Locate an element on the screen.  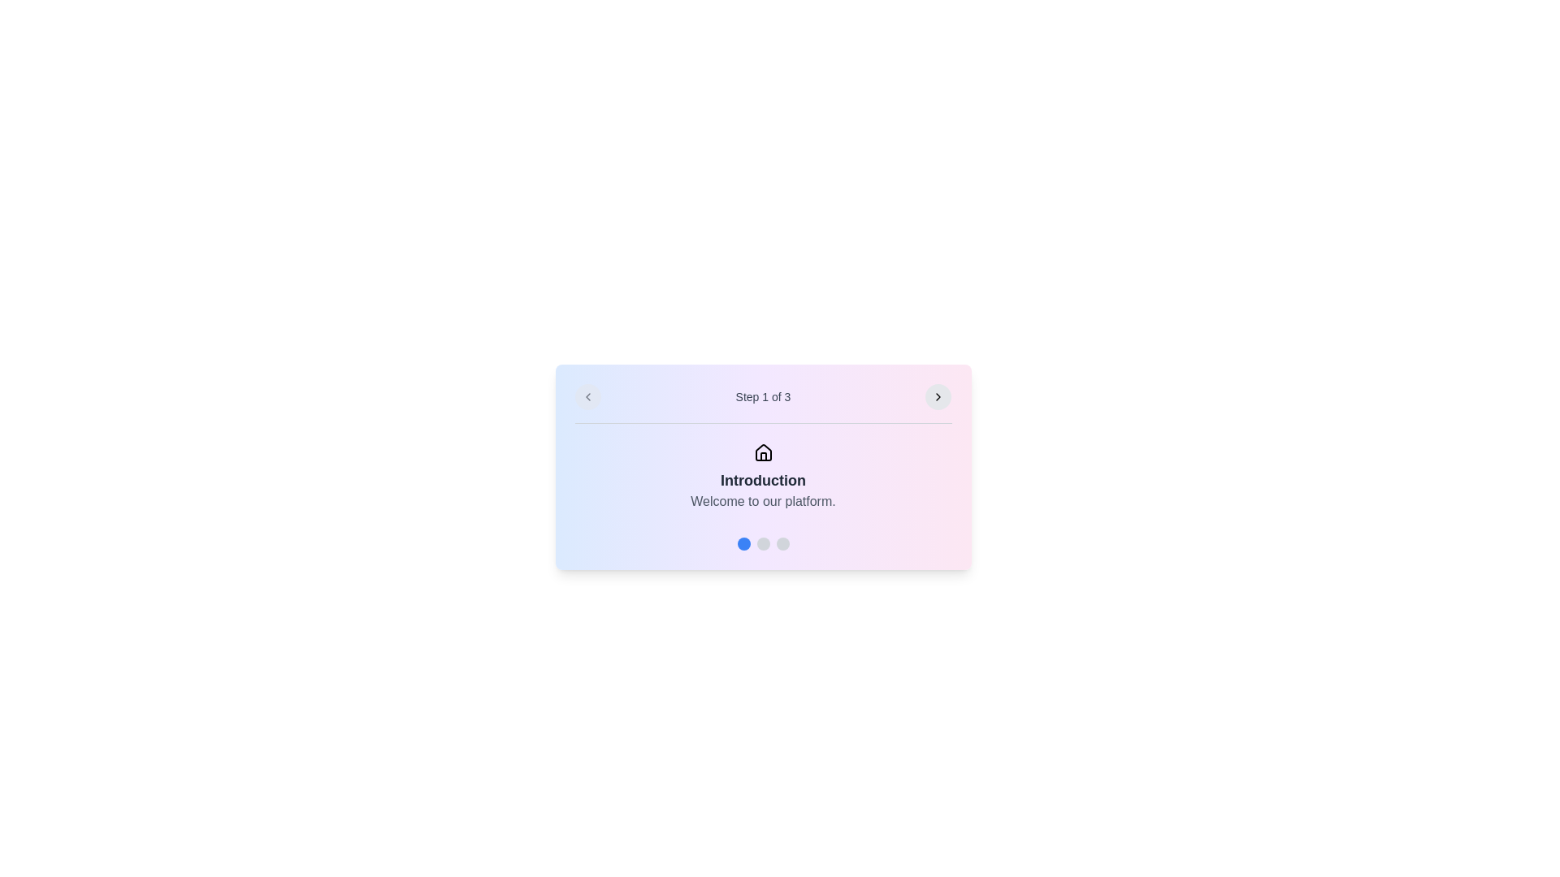
the left-pointing chevron icon button, which is styled with thin lines and has a circular light gray background, located in the top-left corner of the UI panel is located at coordinates (587, 397).